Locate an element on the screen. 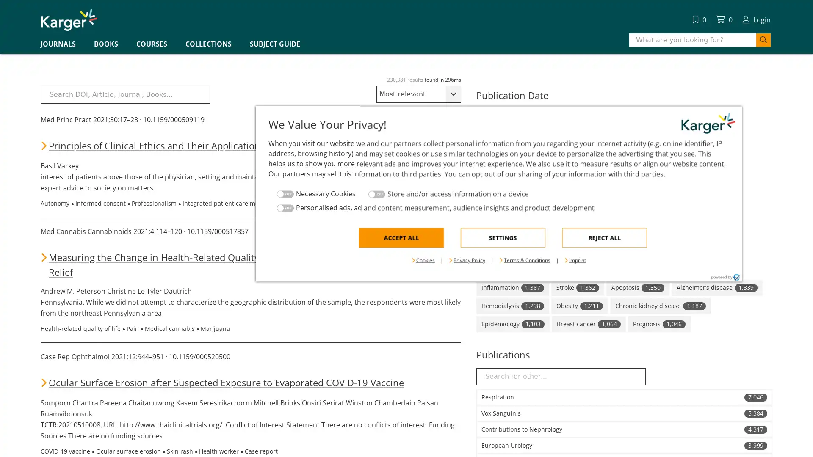 This screenshot has width=813, height=457. SETTINGS is located at coordinates (410, 273).